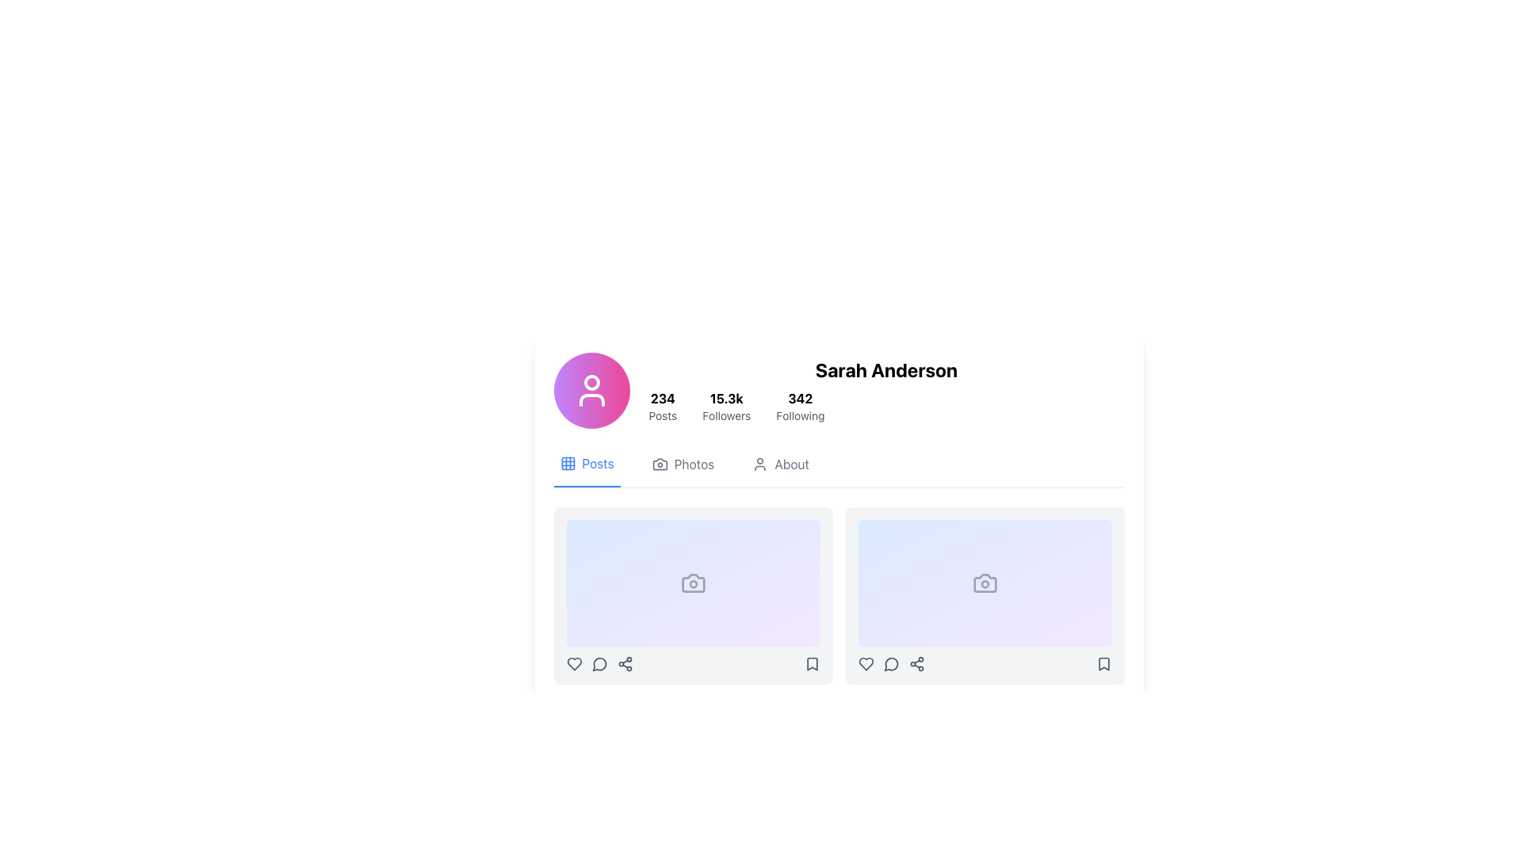  What do you see at coordinates (984, 583) in the screenshot?
I see `the Image placeholder card located in the second column of the layout, which serves as an entry point for image content` at bounding box center [984, 583].